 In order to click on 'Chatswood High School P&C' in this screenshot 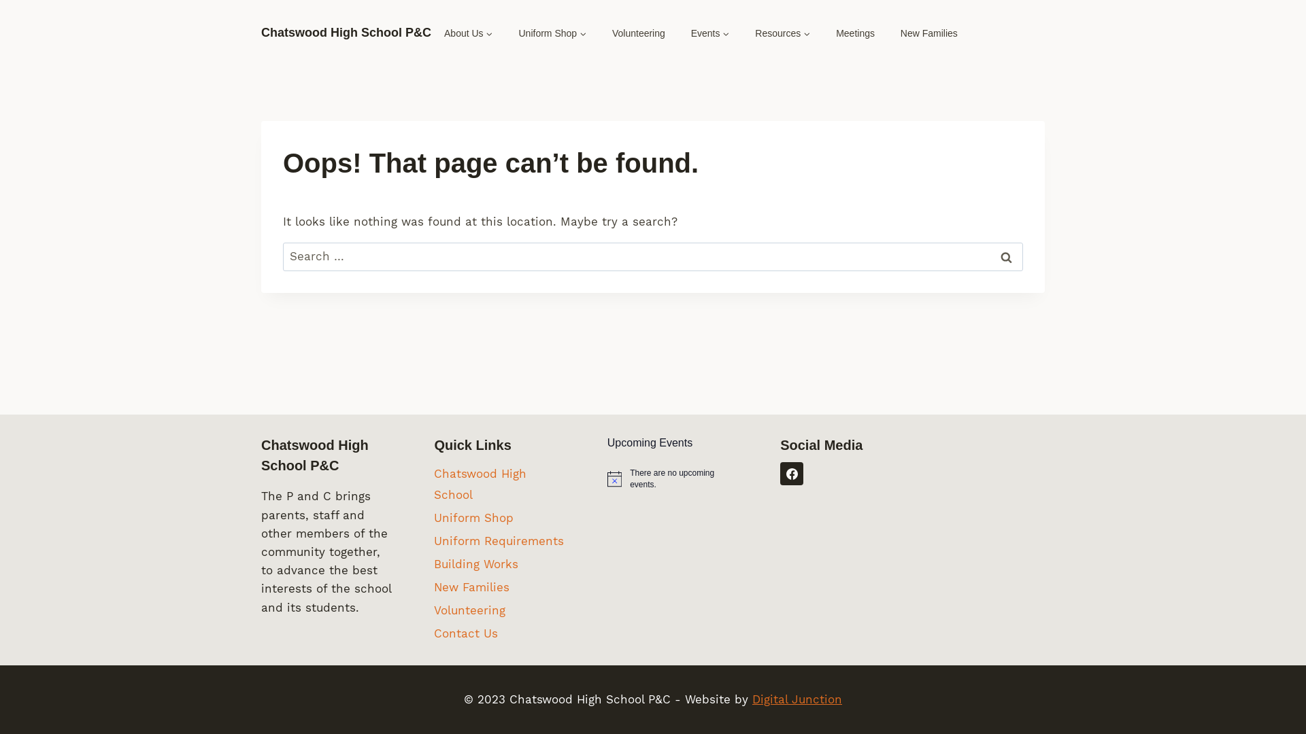, I will do `click(346, 33)`.